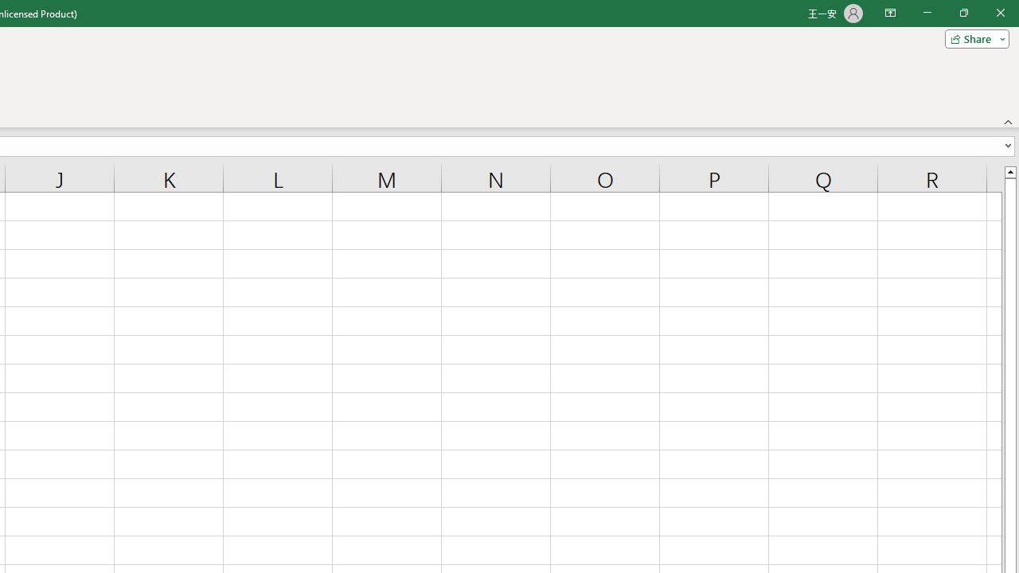 This screenshot has width=1019, height=573. What do you see at coordinates (973, 37) in the screenshot?
I see `'Share'` at bounding box center [973, 37].